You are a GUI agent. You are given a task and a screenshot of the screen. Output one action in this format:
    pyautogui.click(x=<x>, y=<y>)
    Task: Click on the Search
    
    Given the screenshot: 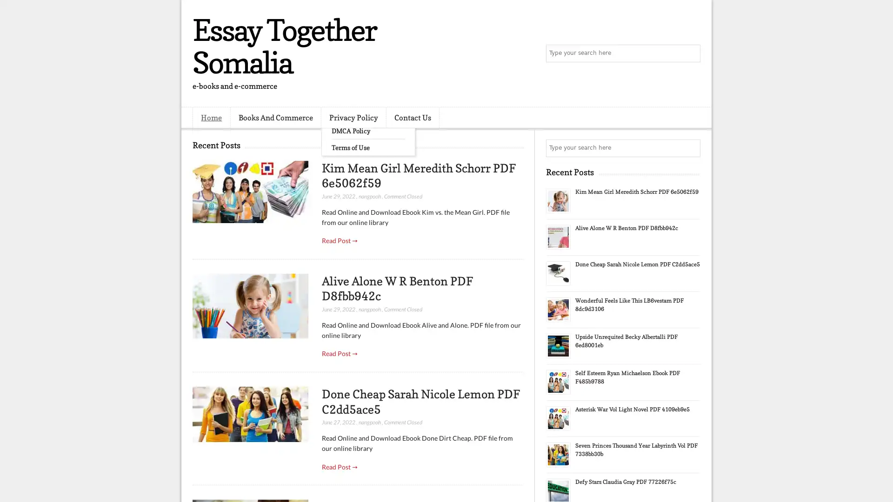 What is the action you would take?
    pyautogui.click(x=691, y=53)
    